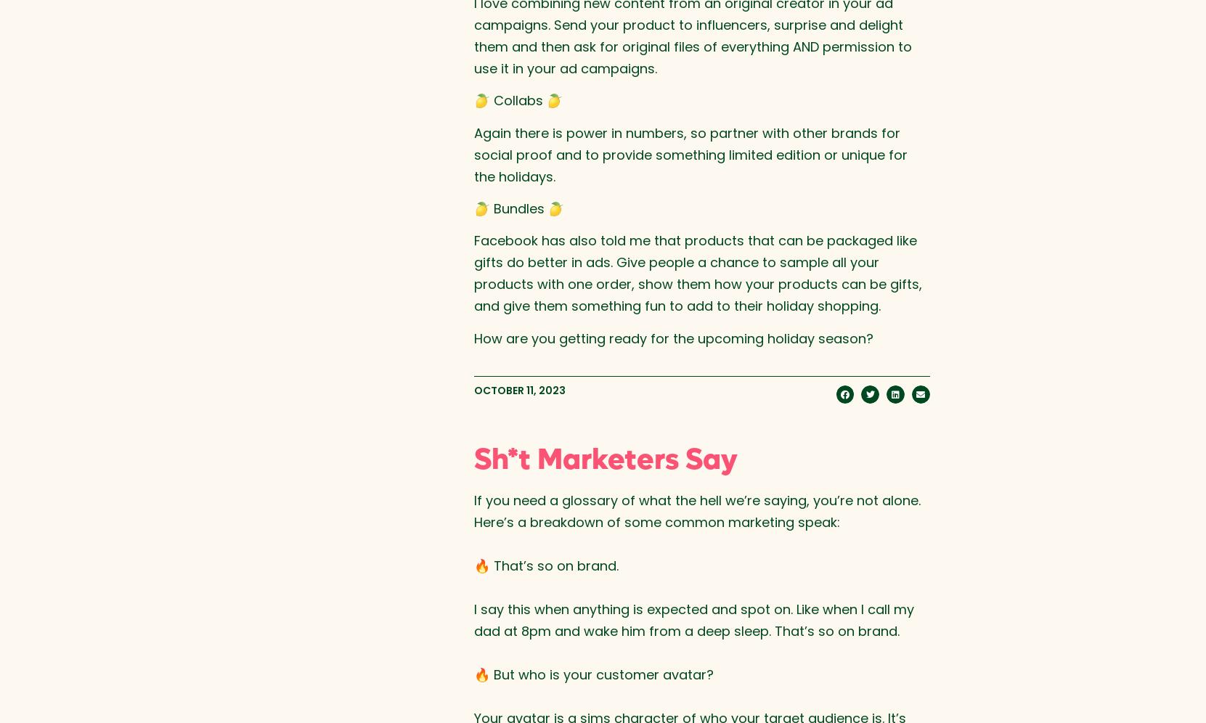 Image resolution: width=1206 pixels, height=723 pixels. Describe the element at coordinates (518, 99) in the screenshot. I see `'🍋 Collabs 🍋'` at that location.